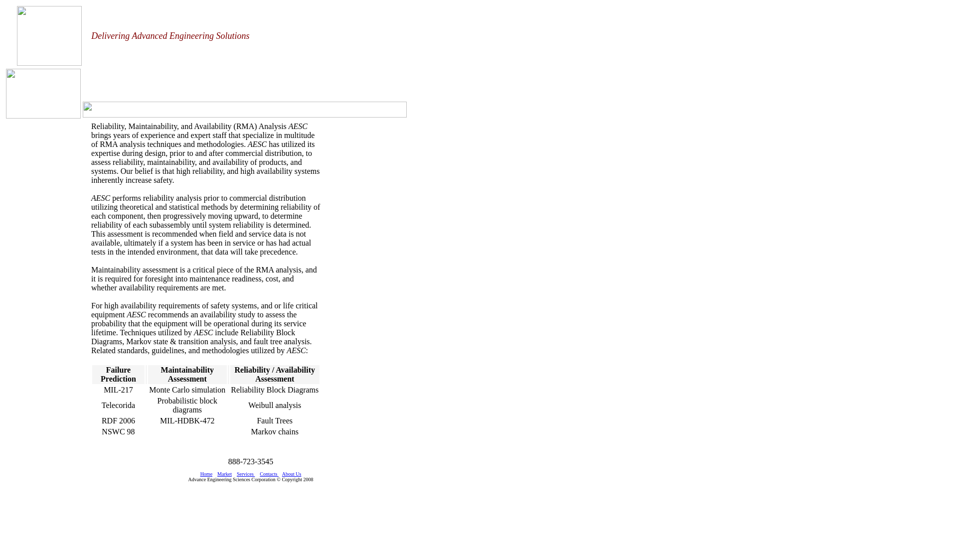 The width and height of the screenshot is (957, 538). Describe the element at coordinates (269, 473) in the screenshot. I see `'Contacts '` at that location.